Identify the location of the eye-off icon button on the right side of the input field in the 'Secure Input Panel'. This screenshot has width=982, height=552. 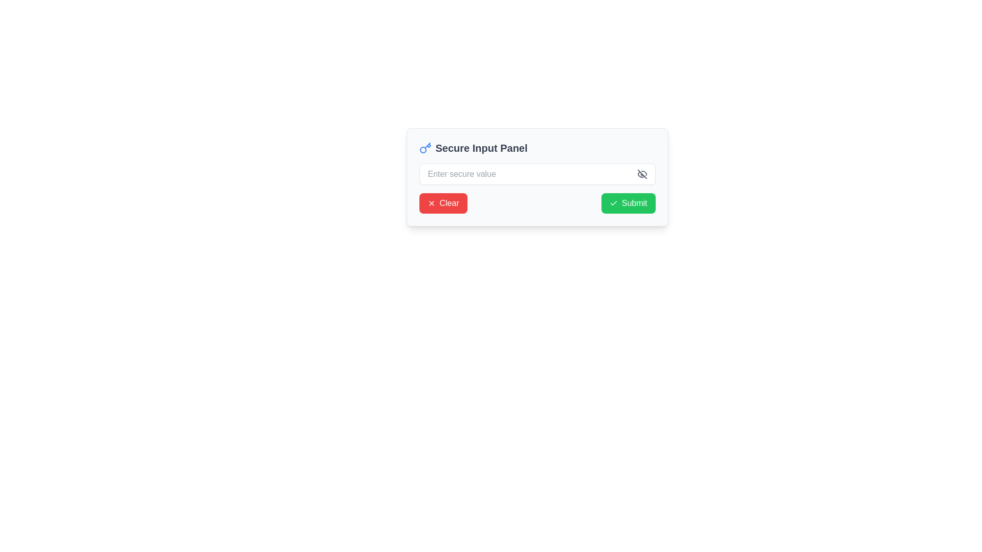
(641, 173).